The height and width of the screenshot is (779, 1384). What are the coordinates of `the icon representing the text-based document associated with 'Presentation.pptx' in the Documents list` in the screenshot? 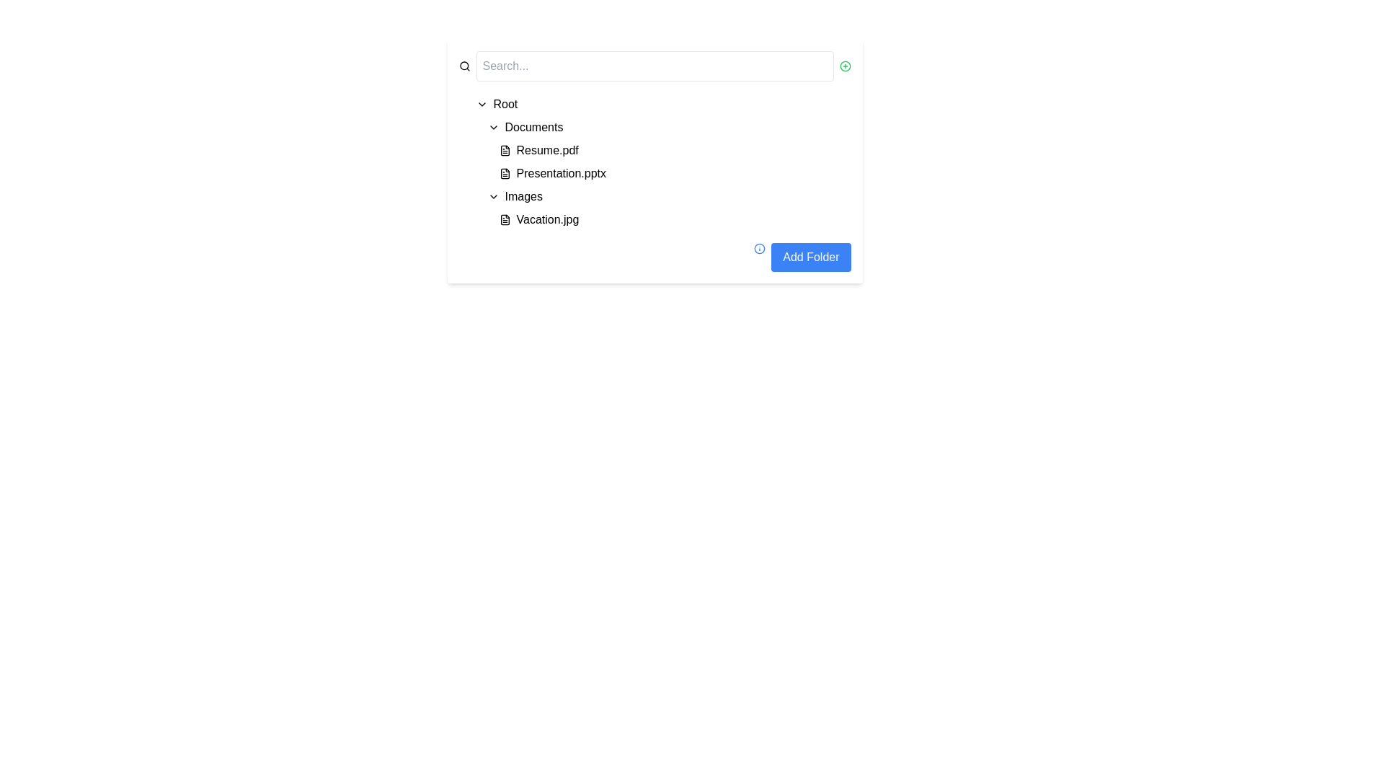 It's located at (505, 172).